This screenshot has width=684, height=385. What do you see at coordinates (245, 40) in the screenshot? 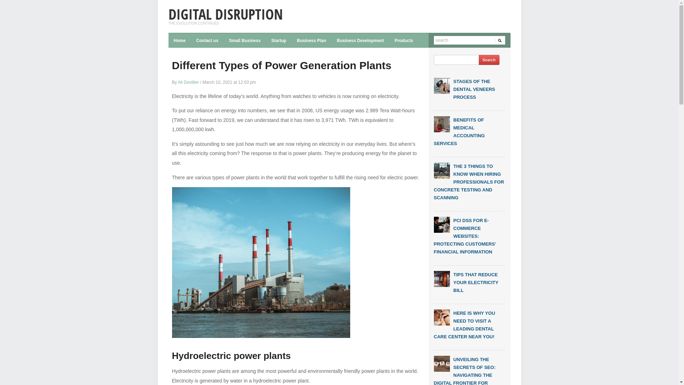
I see `'Small Business'` at bounding box center [245, 40].